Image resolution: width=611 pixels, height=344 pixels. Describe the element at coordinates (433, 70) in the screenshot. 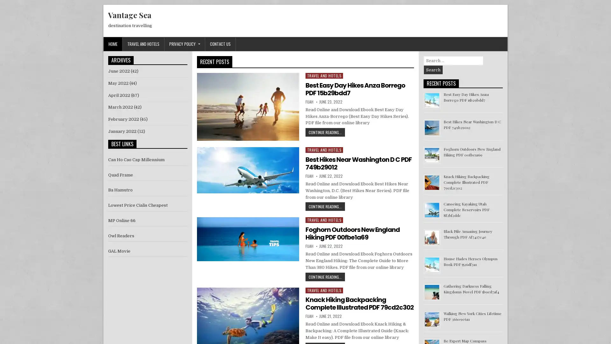

I see `Search` at that location.